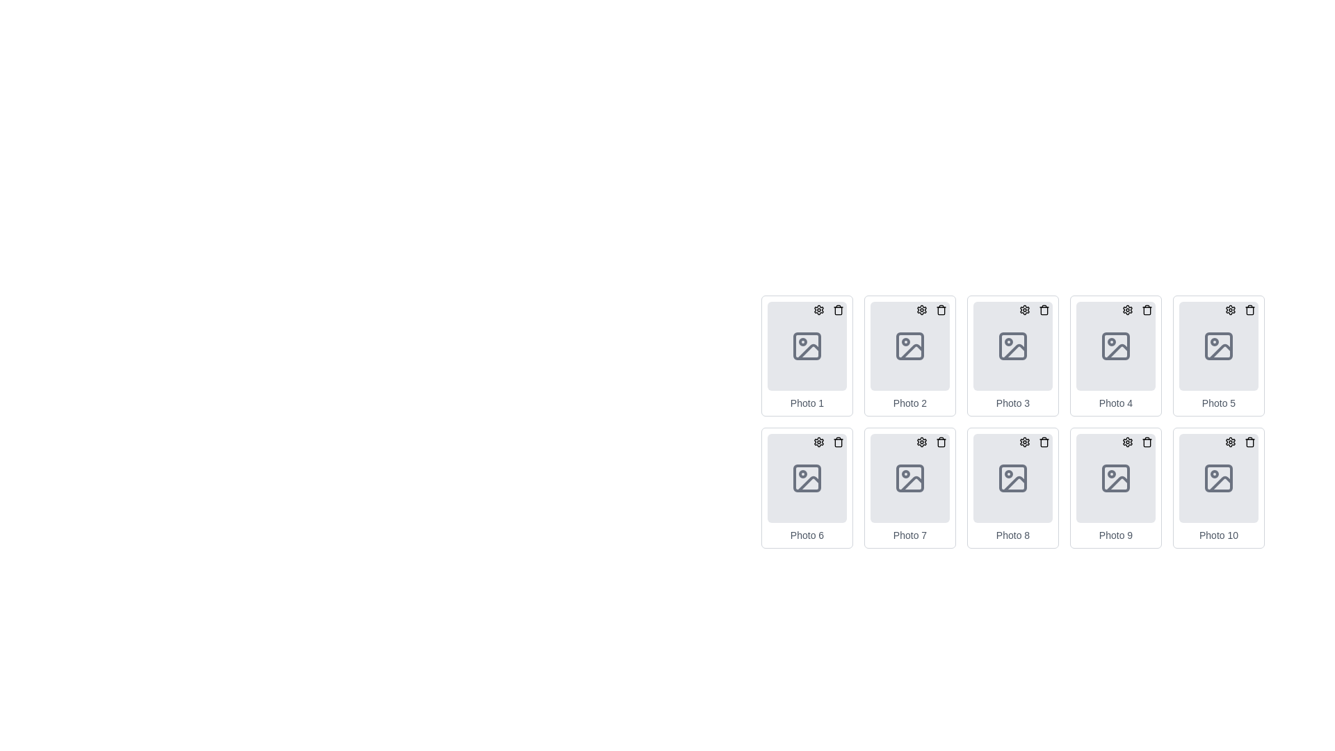 This screenshot has width=1335, height=751. What do you see at coordinates (1115, 403) in the screenshot?
I see `text label displaying 'Photo 4' in a small, gray font located at the lower-central position of the fourth card in the grid of photo cards` at bounding box center [1115, 403].